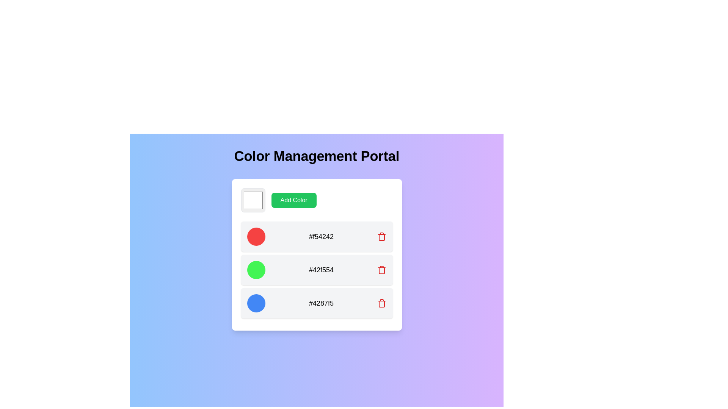 The image size is (728, 409). Describe the element at coordinates (321, 236) in the screenshot. I see `the static text label displaying the value '#f54242', which is bold and centered within a rectangular section, located in the right portion of the first rectangular section following a red circular icon` at that location.